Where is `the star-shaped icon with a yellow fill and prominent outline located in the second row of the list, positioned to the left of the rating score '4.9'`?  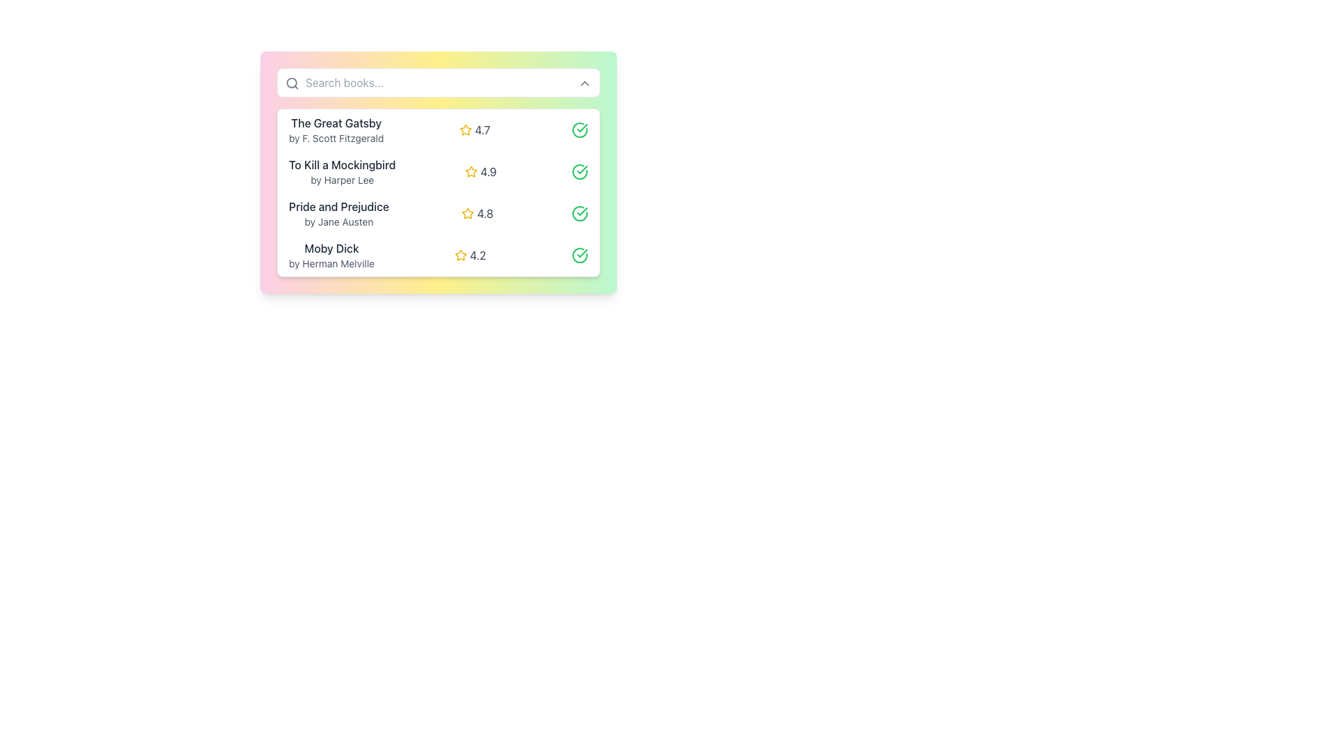 the star-shaped icon with a yellow fill and prominent outline located in the second row of the list, positioned to the left of the rating score '4.9' is located at coordinates (471, 171).